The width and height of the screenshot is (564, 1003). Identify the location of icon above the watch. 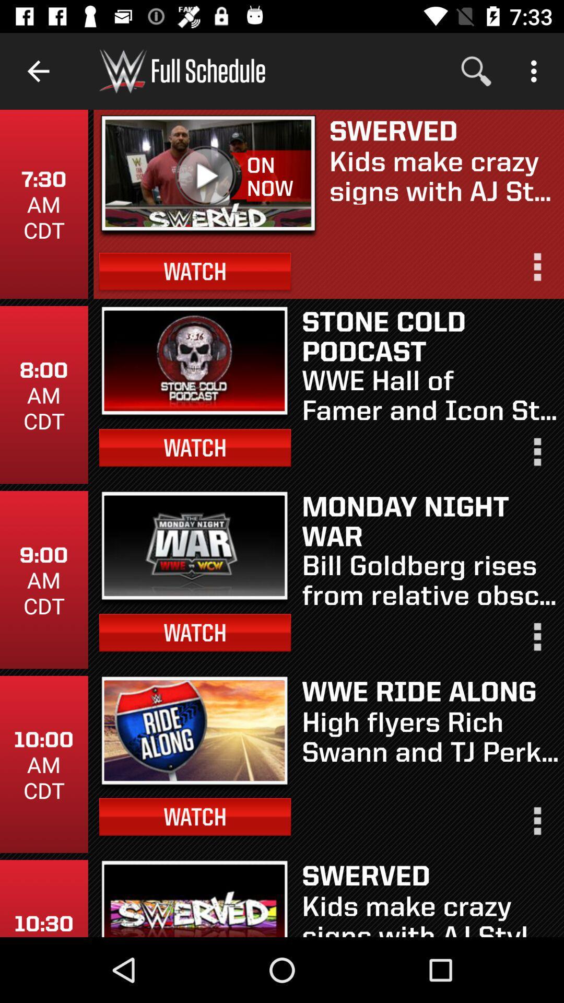
(208, 177).